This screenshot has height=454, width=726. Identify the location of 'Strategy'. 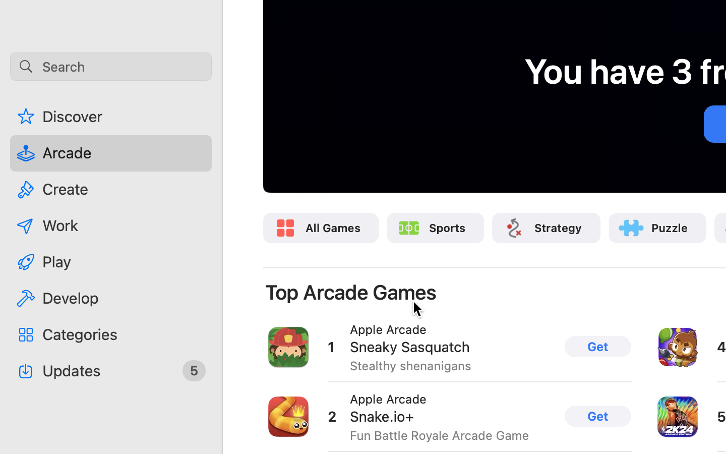
(558, 227).